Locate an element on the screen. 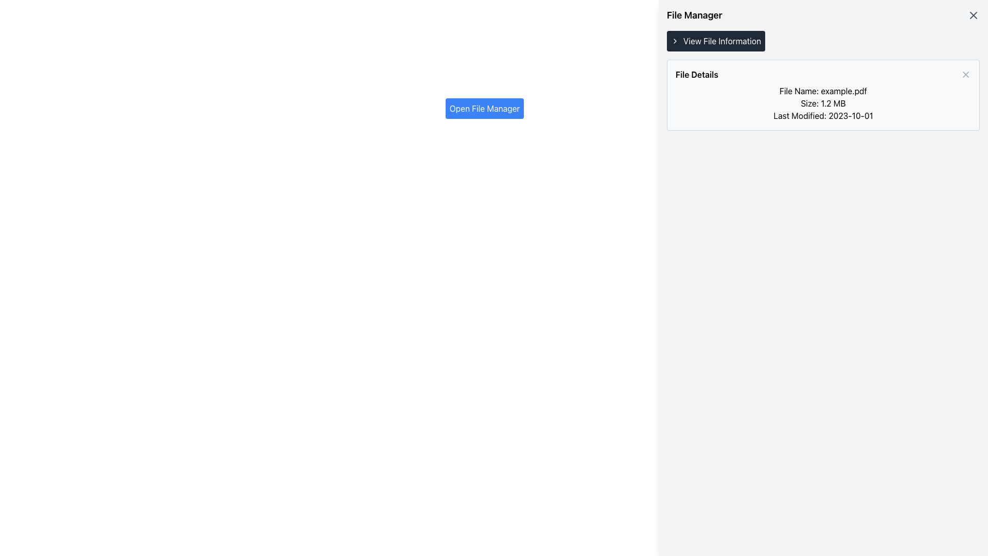 The image size is (988, 556). the SVG icon representing the close button located at the top-right corner of the 'File Details' box is located at coordinates (965, 74).